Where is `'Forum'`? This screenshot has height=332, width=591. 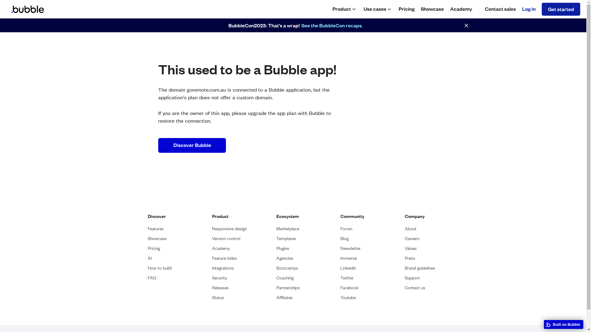 'Forum' is located at coordinates (340, 228).